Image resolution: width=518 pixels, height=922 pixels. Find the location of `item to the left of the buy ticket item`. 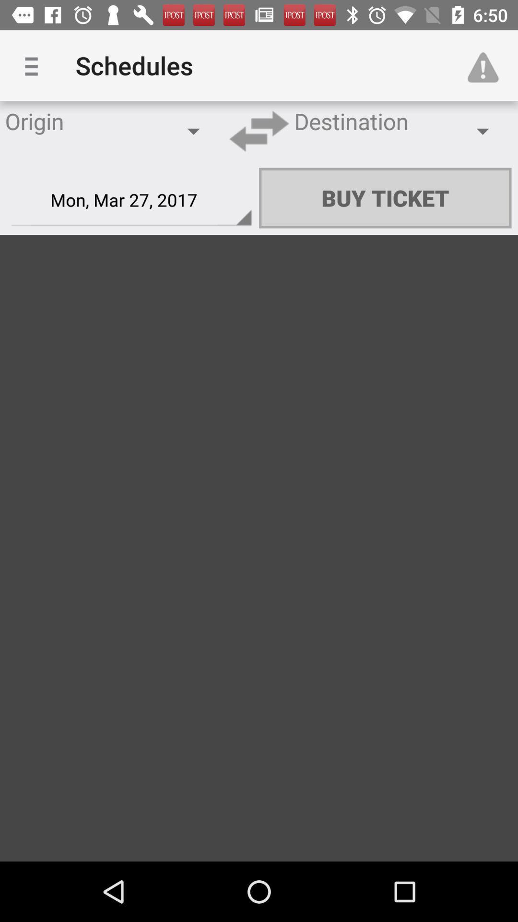

item to the left of the buy ticket item is located at coordinates (131, 200).